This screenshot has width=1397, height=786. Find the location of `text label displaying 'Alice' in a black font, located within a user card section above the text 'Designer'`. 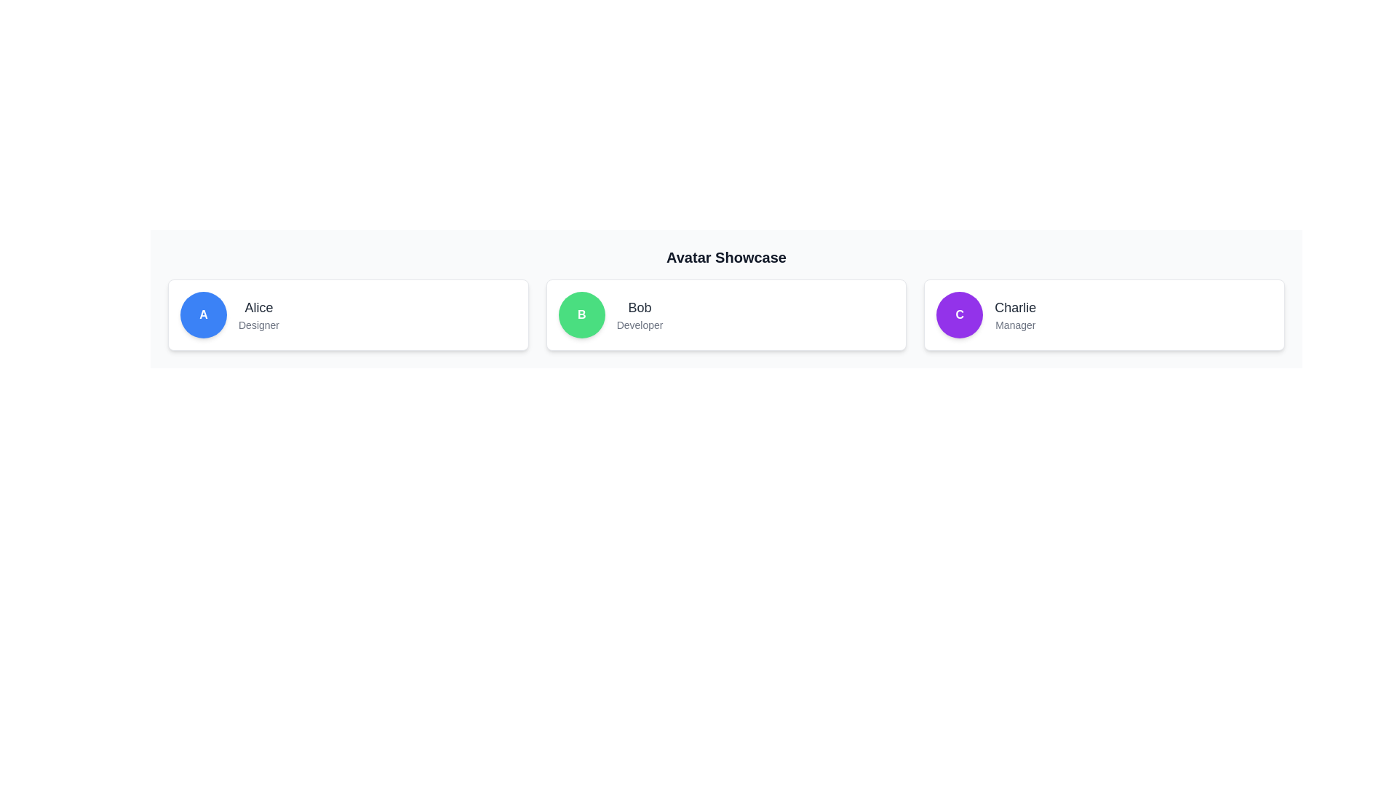

text label displaying 'Alice' in a black font, located within a user card section above the text 'Designer' is located at coordinates (258, 307).